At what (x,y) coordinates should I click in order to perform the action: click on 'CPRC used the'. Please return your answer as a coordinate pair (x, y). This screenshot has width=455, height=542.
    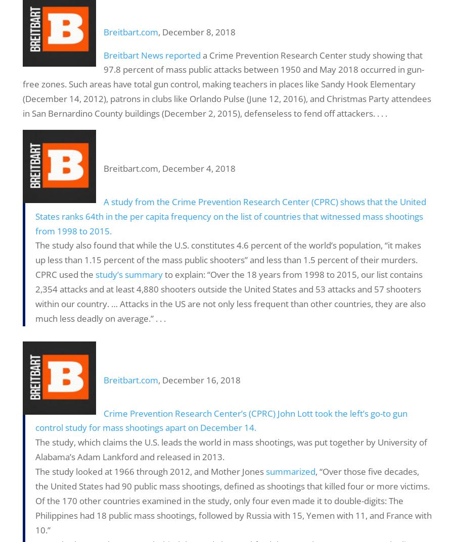
    Looking at the image, I should click on (65, 274).